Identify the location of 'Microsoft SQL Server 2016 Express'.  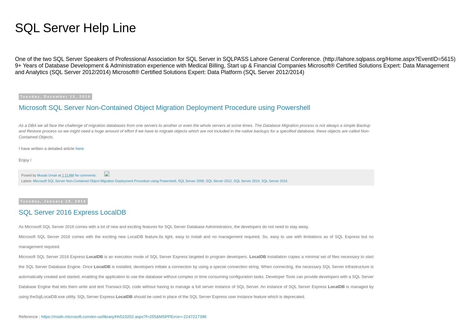
(52, 256).